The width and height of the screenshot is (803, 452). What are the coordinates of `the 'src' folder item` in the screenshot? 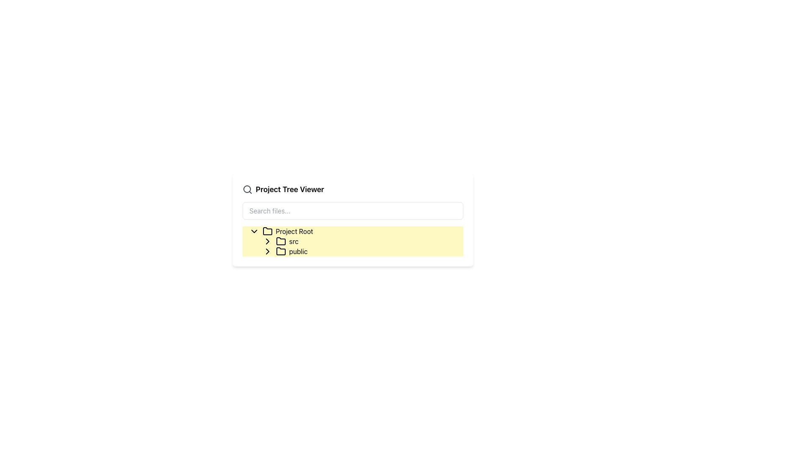 It's located at (287, 241).